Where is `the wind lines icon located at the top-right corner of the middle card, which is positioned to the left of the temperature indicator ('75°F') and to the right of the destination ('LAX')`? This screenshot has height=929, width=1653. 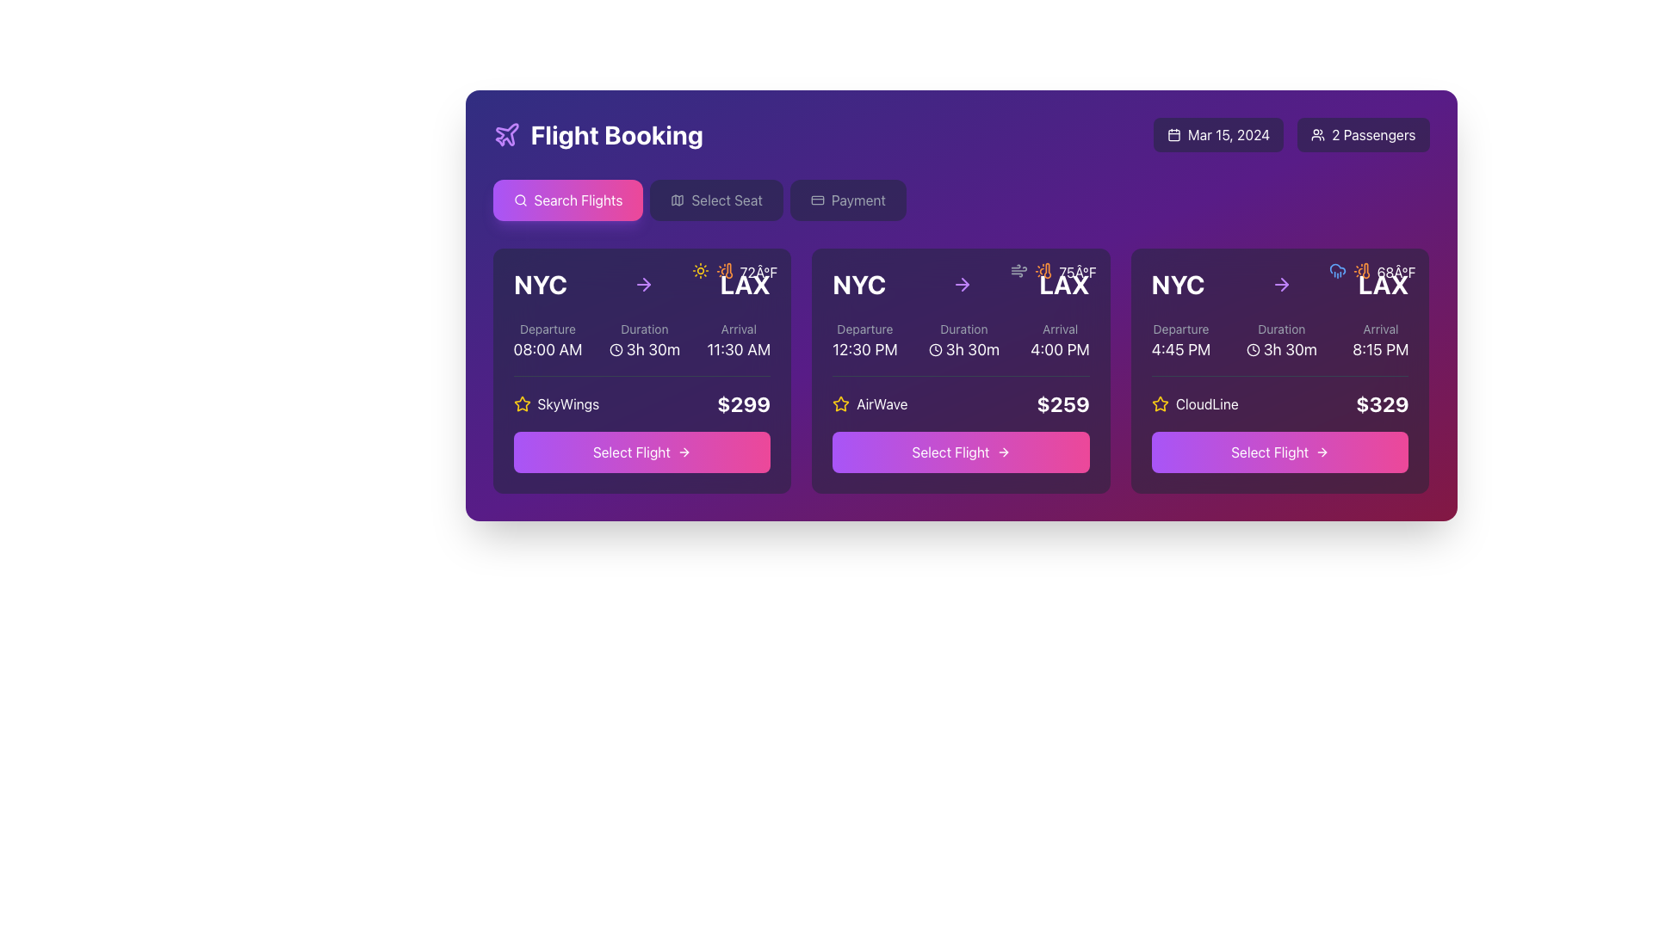 the wind lines icon located at the top-right corner of the middle card, which is positioned to the left of the temperature indicator ('75°F') and to the right of the destination ('LAX') is located at coordinates (1019, 271).